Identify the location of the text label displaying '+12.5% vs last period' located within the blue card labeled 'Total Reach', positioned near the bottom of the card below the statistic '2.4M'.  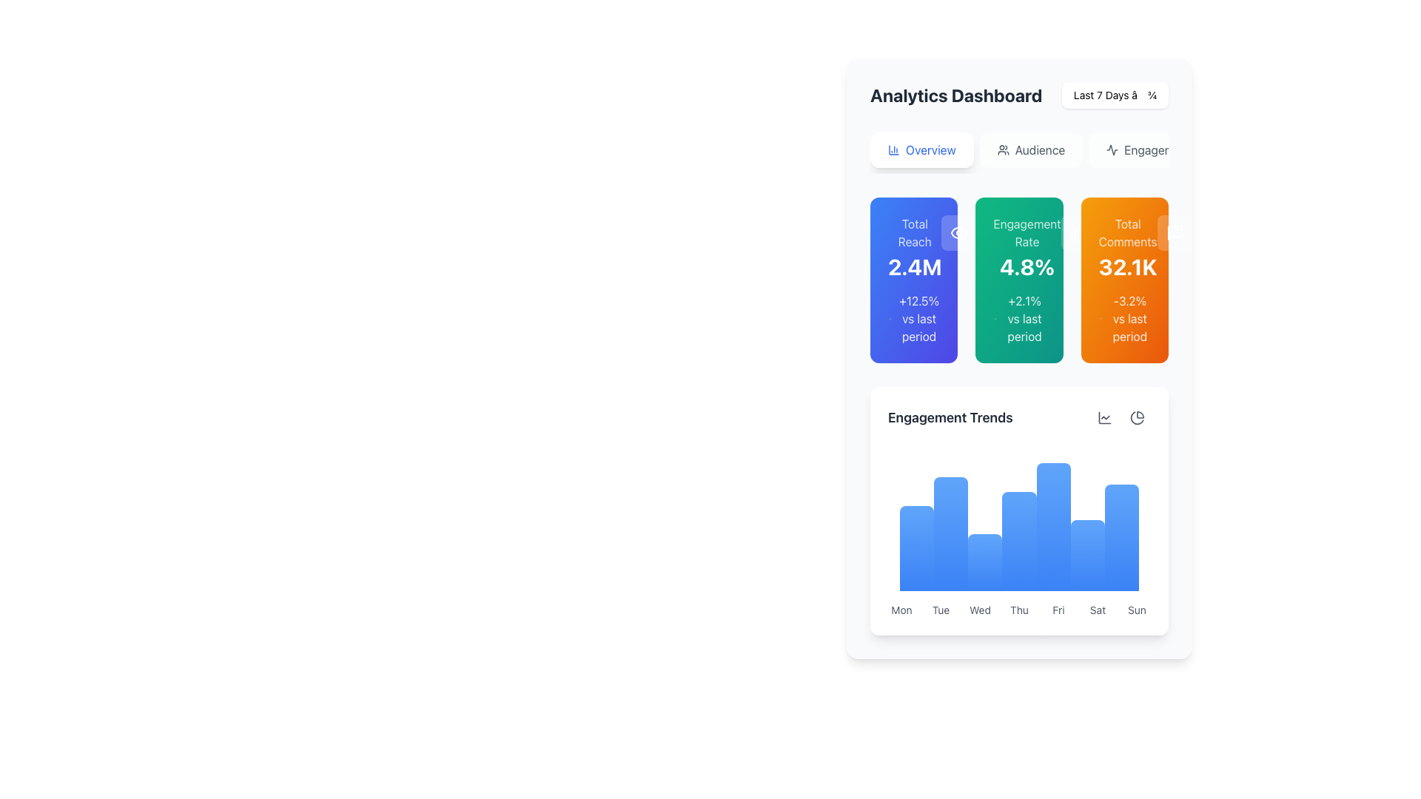
(918, 318).